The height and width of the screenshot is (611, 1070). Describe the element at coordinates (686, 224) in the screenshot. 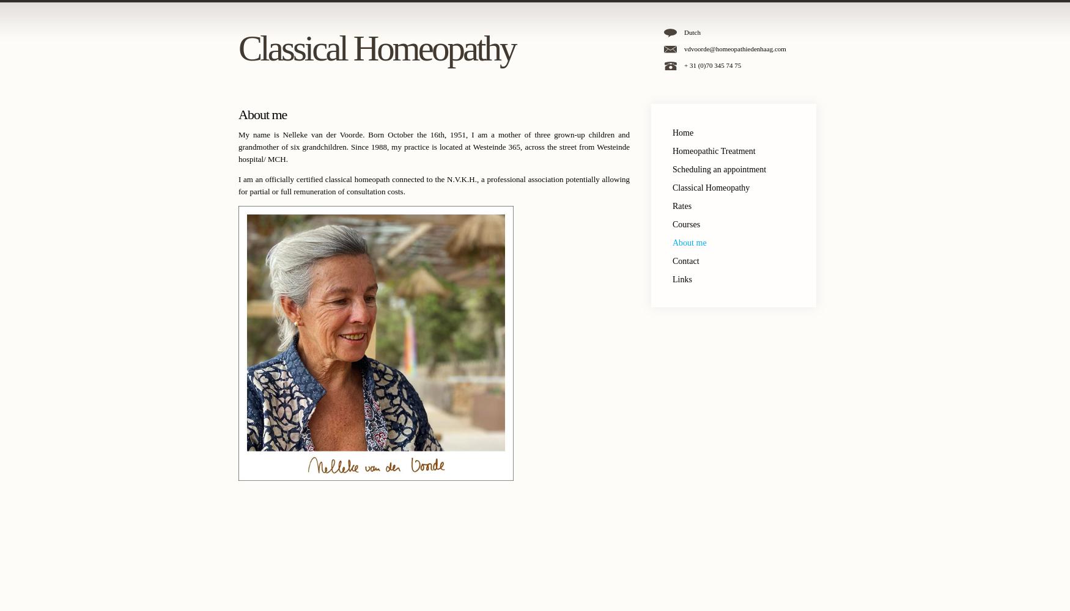

I see `'Courses'` at that location.